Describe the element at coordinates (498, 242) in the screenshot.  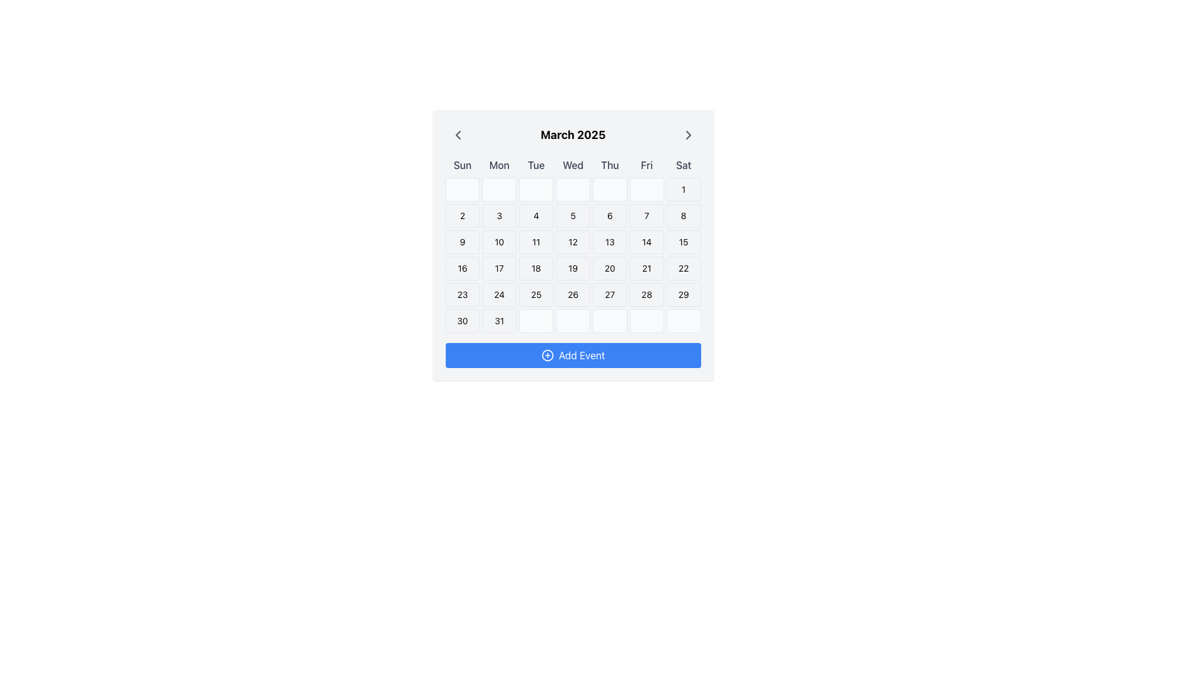
I see `the calendar day button representing the 10th day of the month, located in the fifth cell of the third row of the calendar grid` at that location.